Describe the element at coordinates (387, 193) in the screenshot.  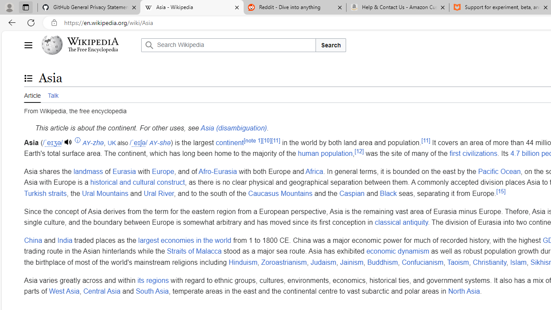
I see `'Black'` at that location.